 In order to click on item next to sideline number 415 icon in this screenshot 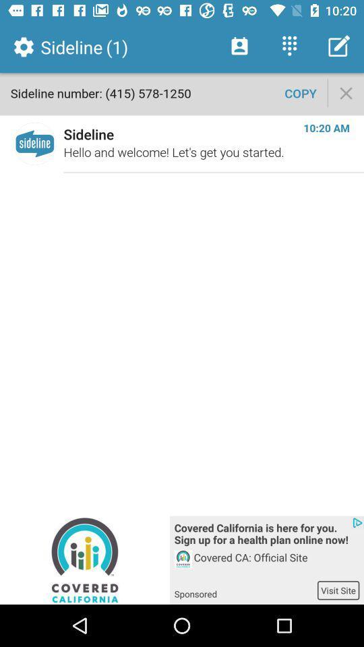, I will do `click(301, 92)`.